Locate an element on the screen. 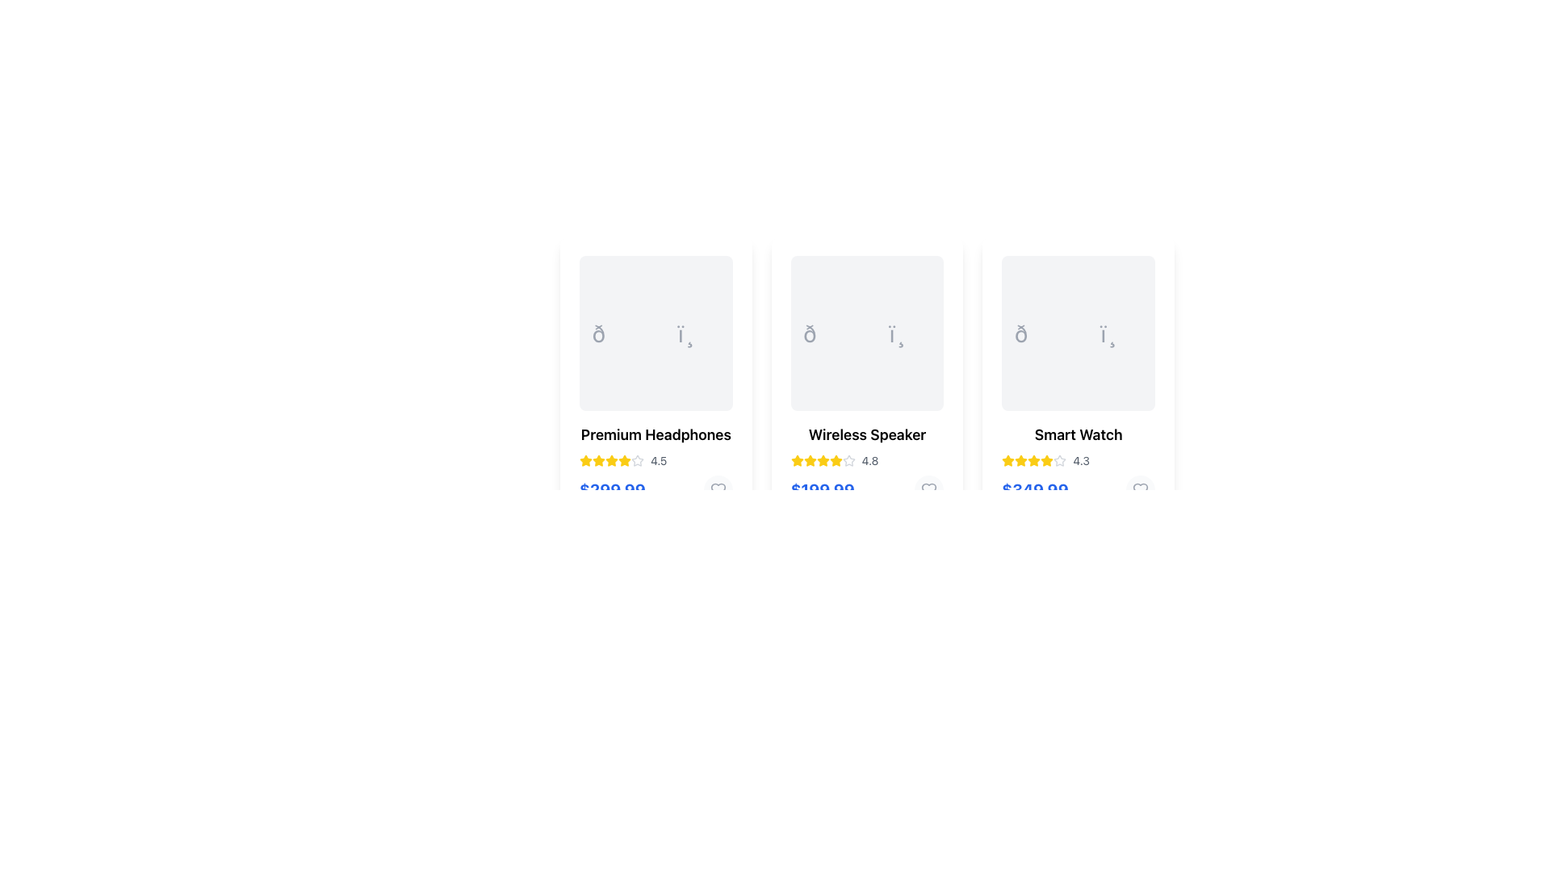  the first yellow star icon in the rating section of the 'Wireless Speaker' product card, which is located slightly above the text '4.8' is located at coordinates (797, 460).